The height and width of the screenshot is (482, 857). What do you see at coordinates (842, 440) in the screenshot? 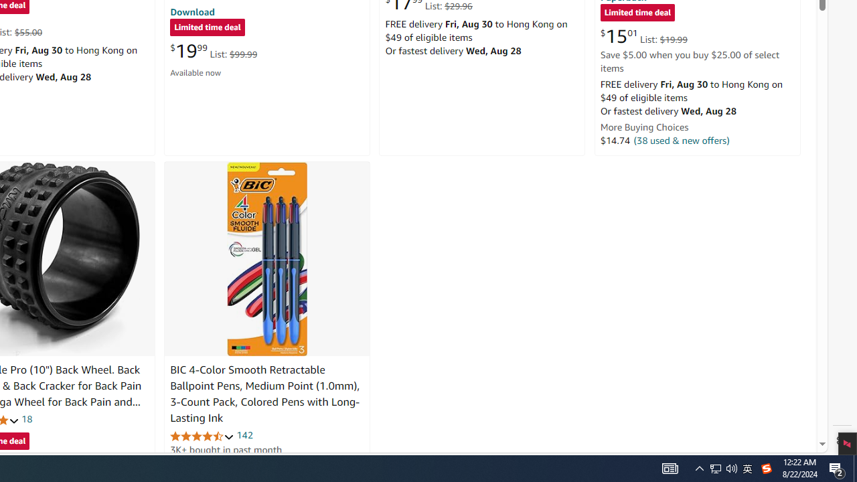
I see `'Settings'` at bounding box center [842, 440].